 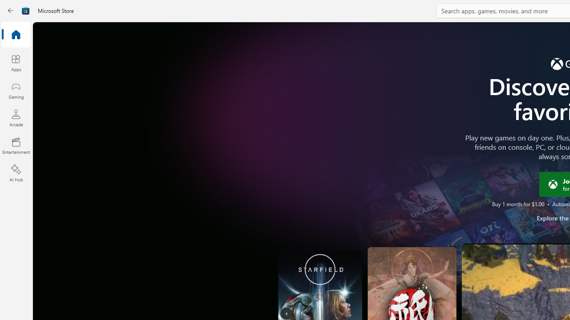 What do you see at coordinates (11, 11) in the screenshot?
I see `'Back'` at bounding box center [11, 11].